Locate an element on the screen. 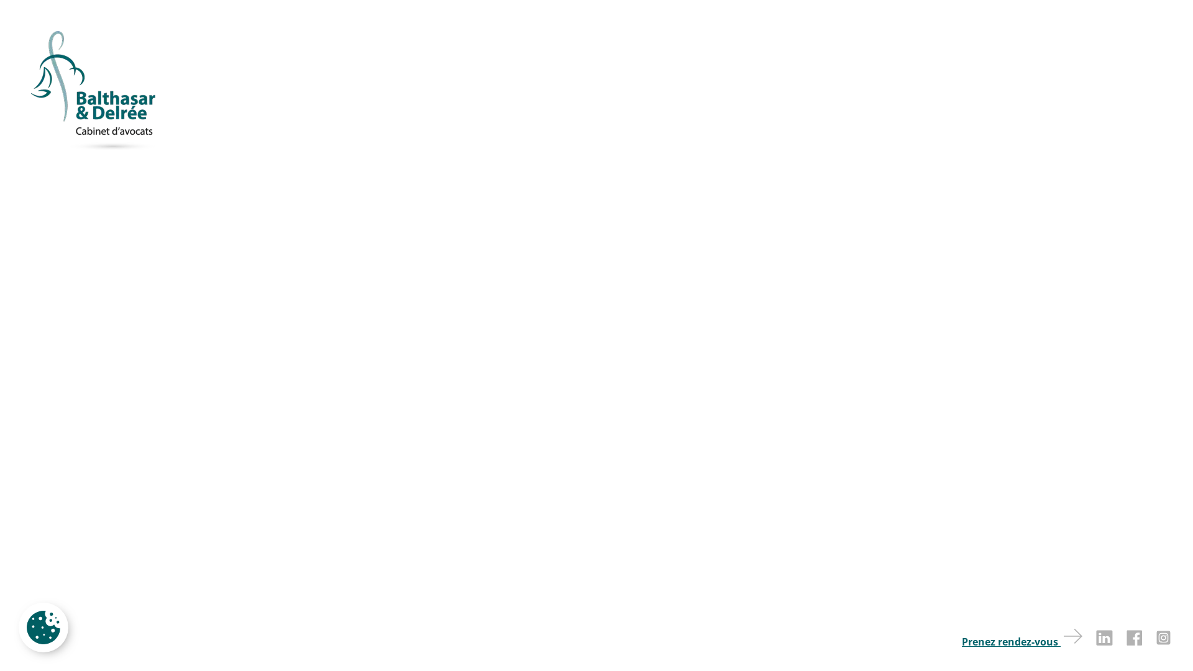  'Prenez rendez-vous' is located at coordinates (1017, 637).